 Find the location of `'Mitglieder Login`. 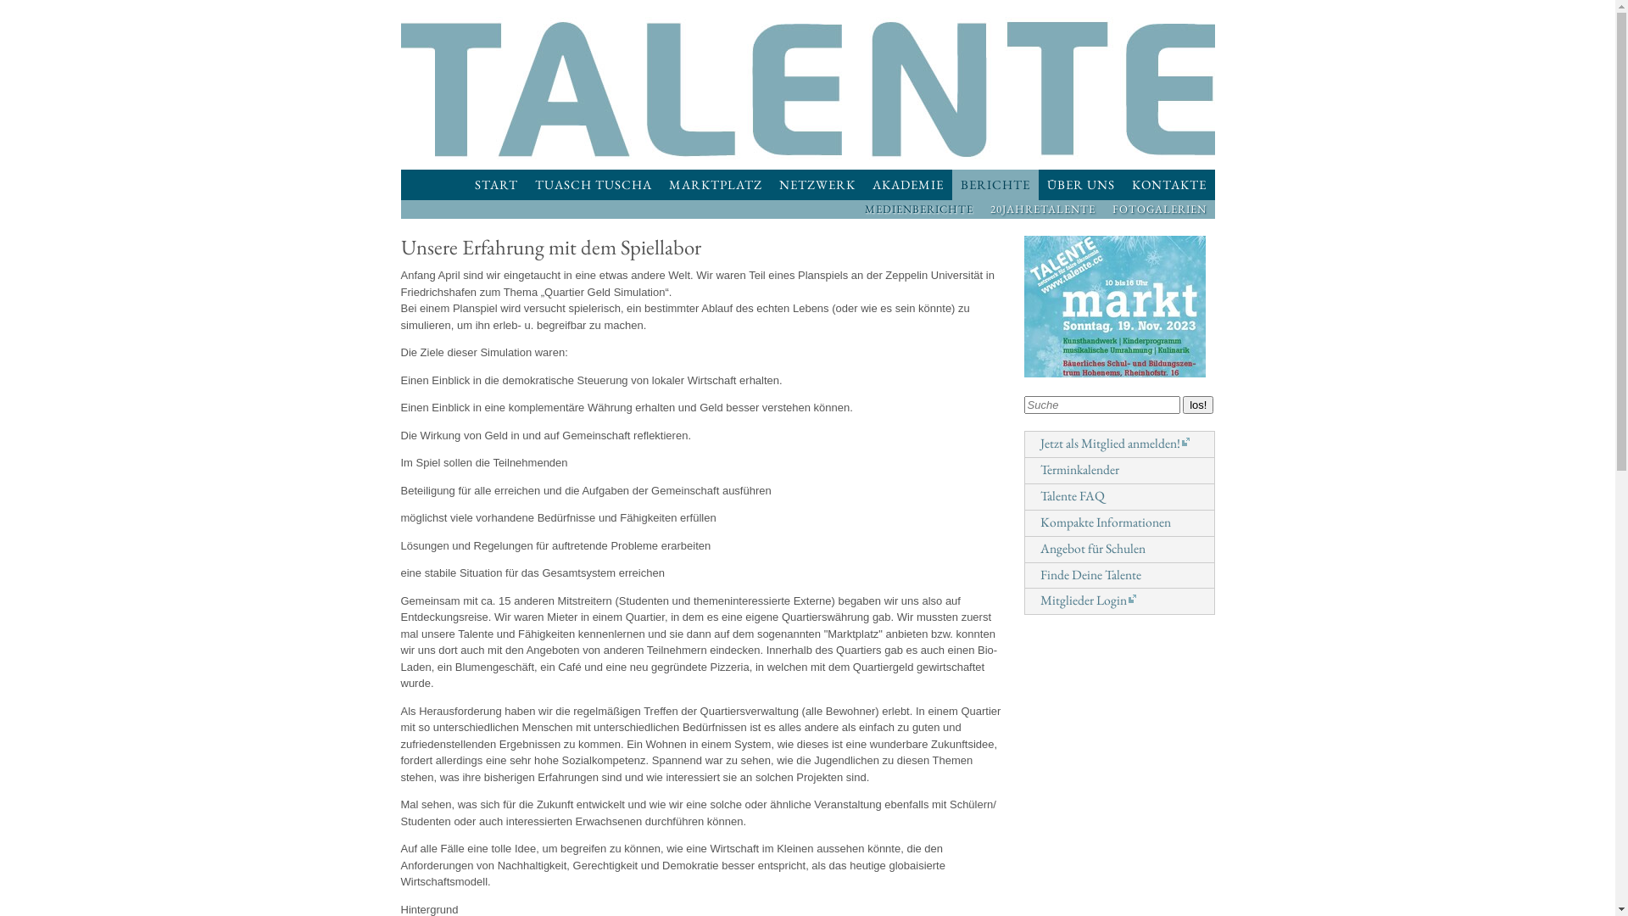

'Mitglieder Login is located at coordinates (1081, 599).